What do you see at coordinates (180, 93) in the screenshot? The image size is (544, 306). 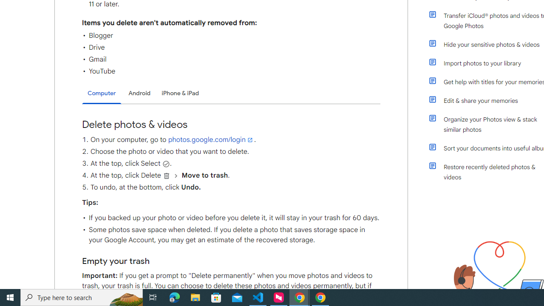 I see `'iPhone & iPad'` at bounding box center [180, 93].